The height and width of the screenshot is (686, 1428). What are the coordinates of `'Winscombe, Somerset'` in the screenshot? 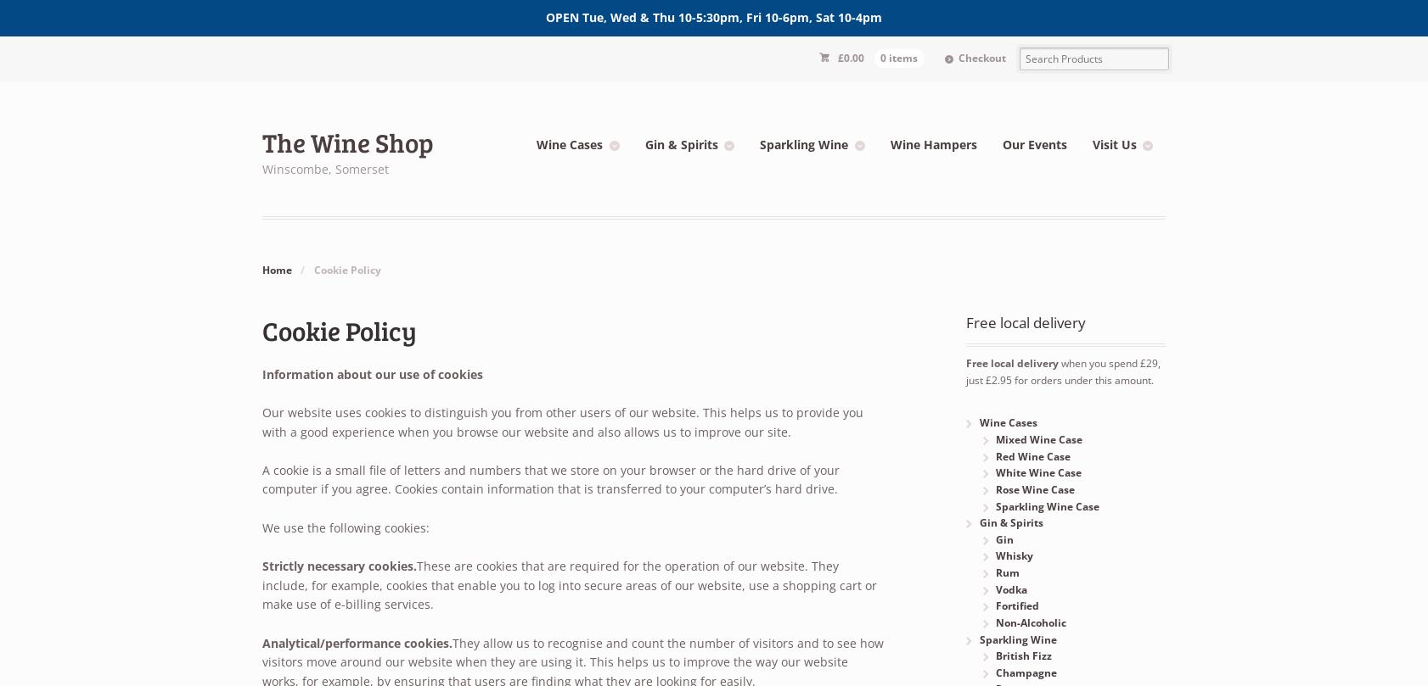 It's located at (324, 167).